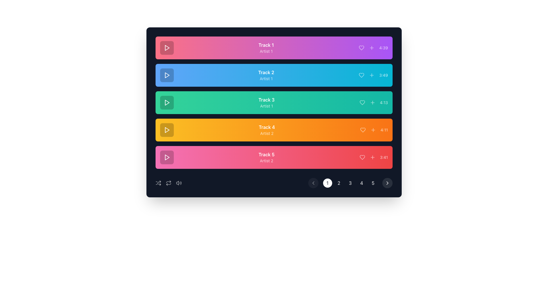 This screenshot has height=308, width=547. Describe the element at coordinates (362, 102) in the screenshot. I see `the heart-shaped like button located as the first interactive item in the third row of the track list for keyboard interaction` at that location.